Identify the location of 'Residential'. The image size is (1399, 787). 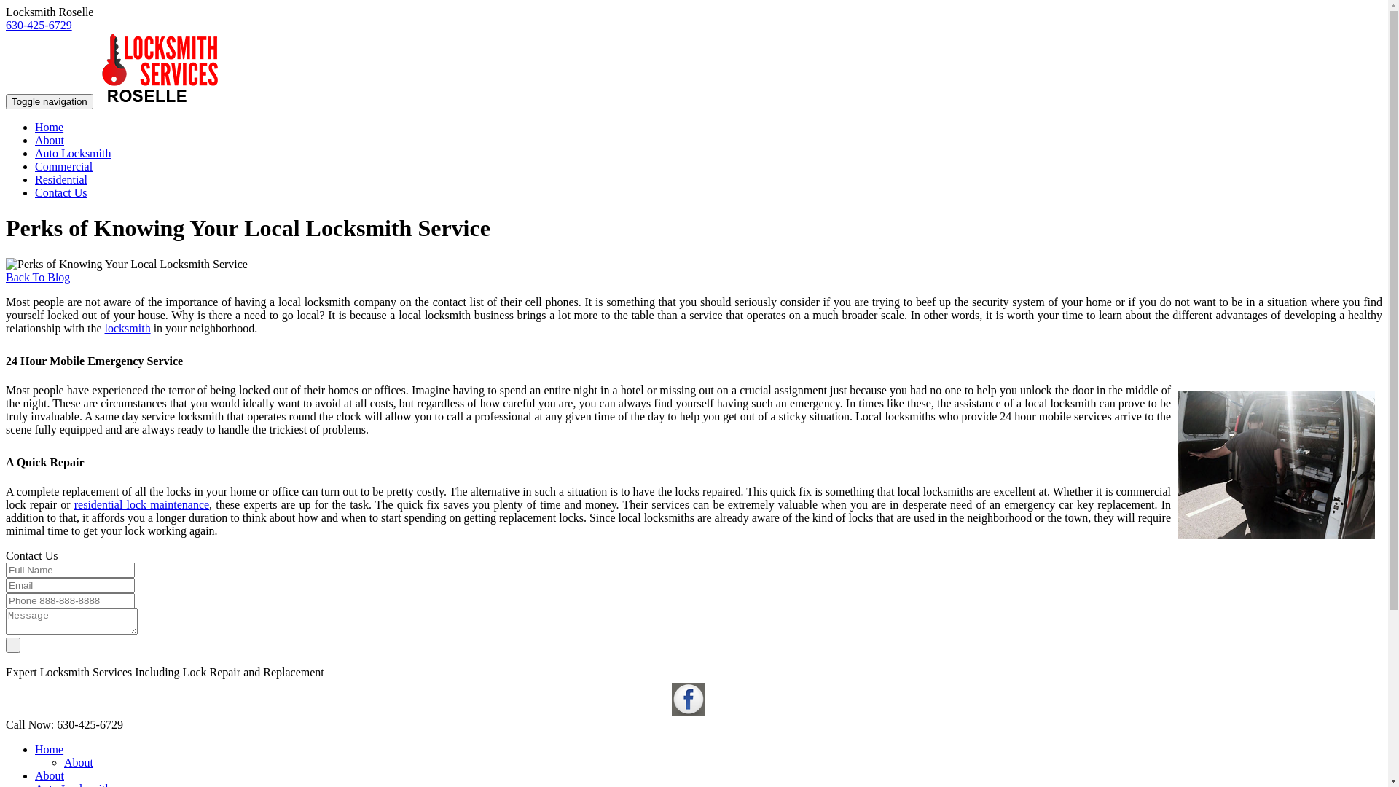
(60, 179).